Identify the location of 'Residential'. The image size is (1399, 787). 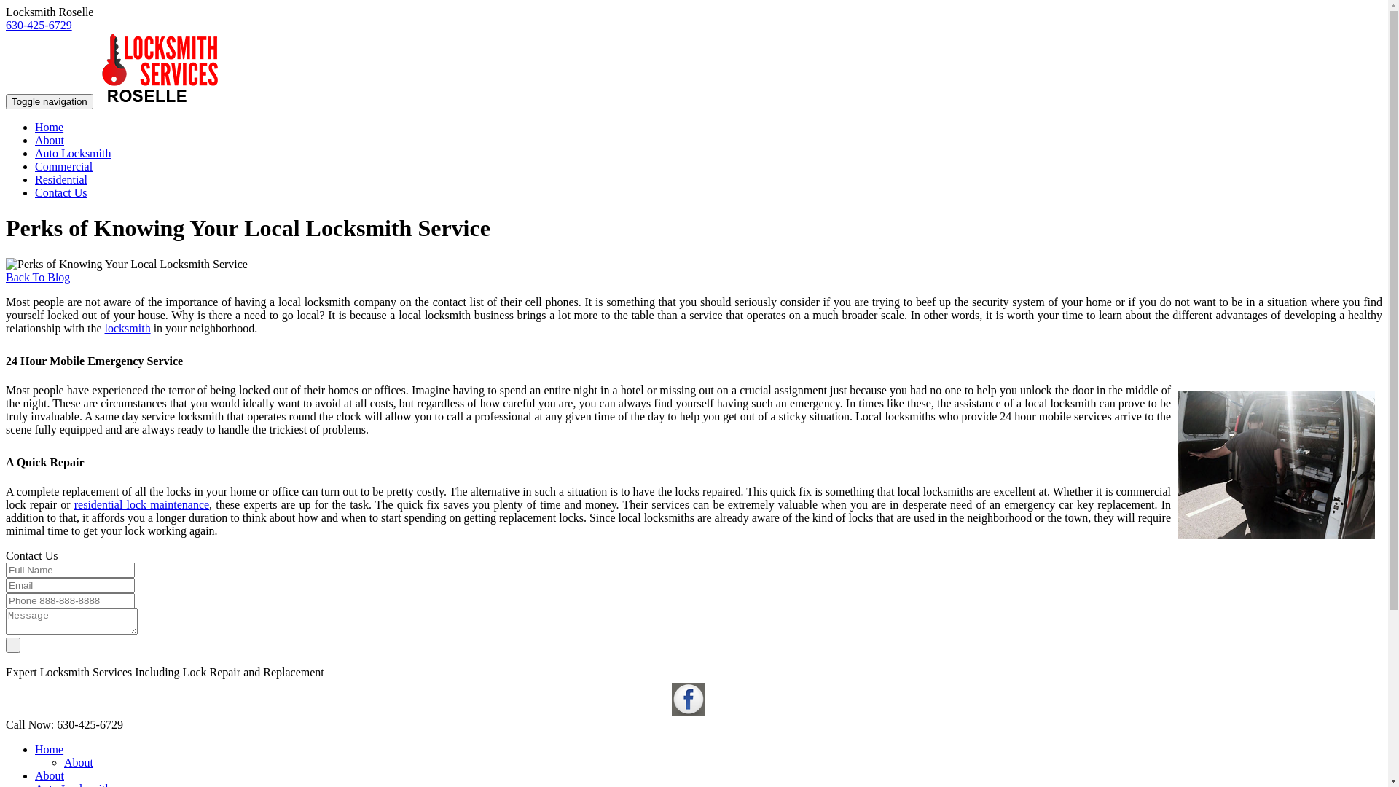
(60, 179).